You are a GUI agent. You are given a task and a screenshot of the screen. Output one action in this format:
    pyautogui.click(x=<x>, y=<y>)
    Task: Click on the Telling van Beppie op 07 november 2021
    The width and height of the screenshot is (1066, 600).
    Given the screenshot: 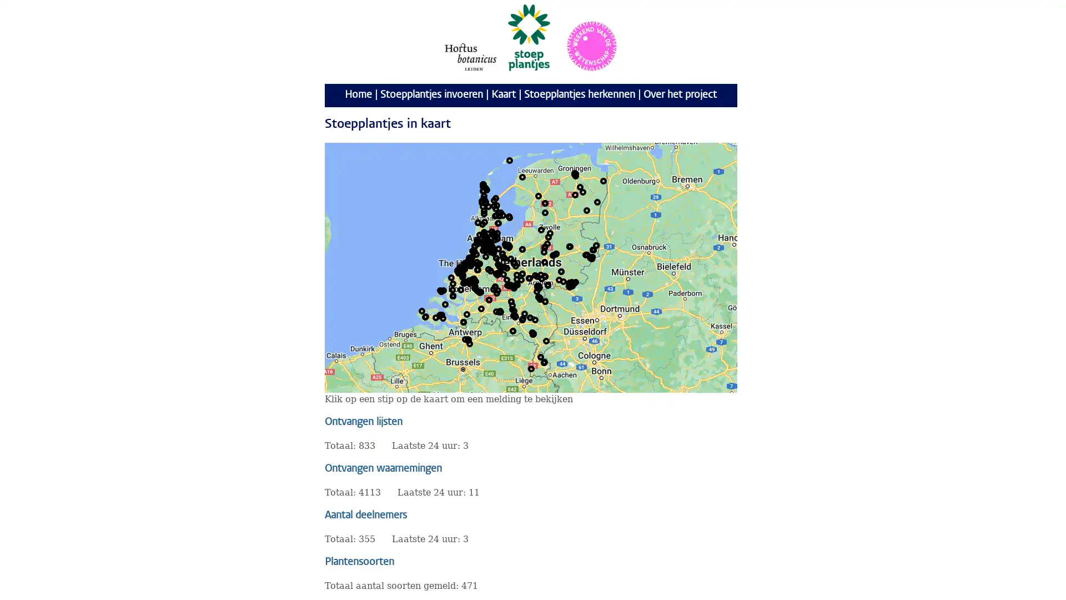 What is the action you would take?
    pyautogui.click(x=508, y=216)
    